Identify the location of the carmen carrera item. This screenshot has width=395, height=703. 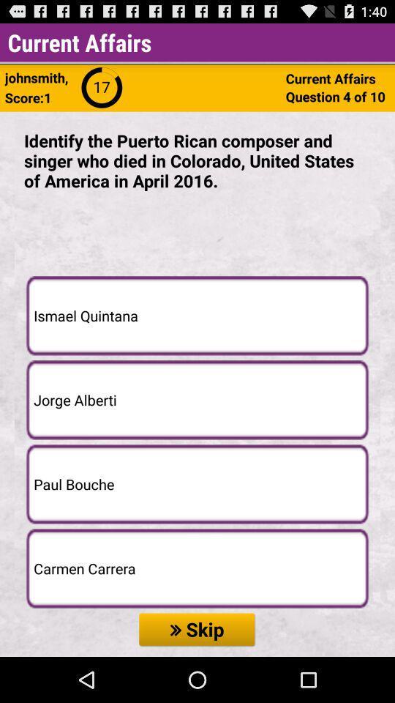
(197, 568).